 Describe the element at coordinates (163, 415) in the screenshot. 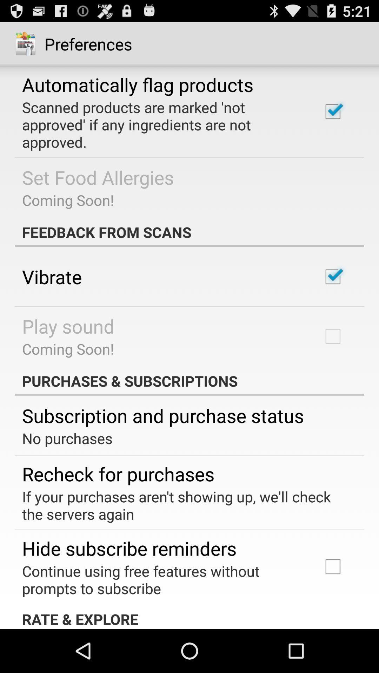

I see `the subscription and purchase item` at that location.